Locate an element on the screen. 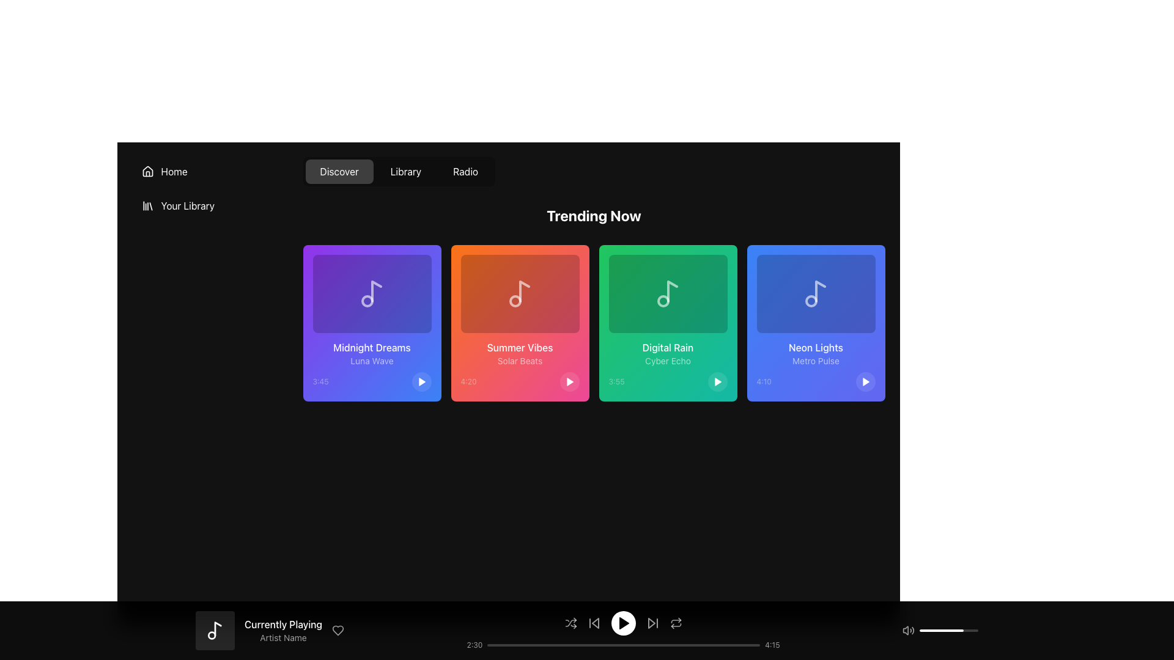 Image resolution: width=1174 pixels, height=660 pixels. the third button in the horizontal navigation bar is located at coordinates (465, 172).